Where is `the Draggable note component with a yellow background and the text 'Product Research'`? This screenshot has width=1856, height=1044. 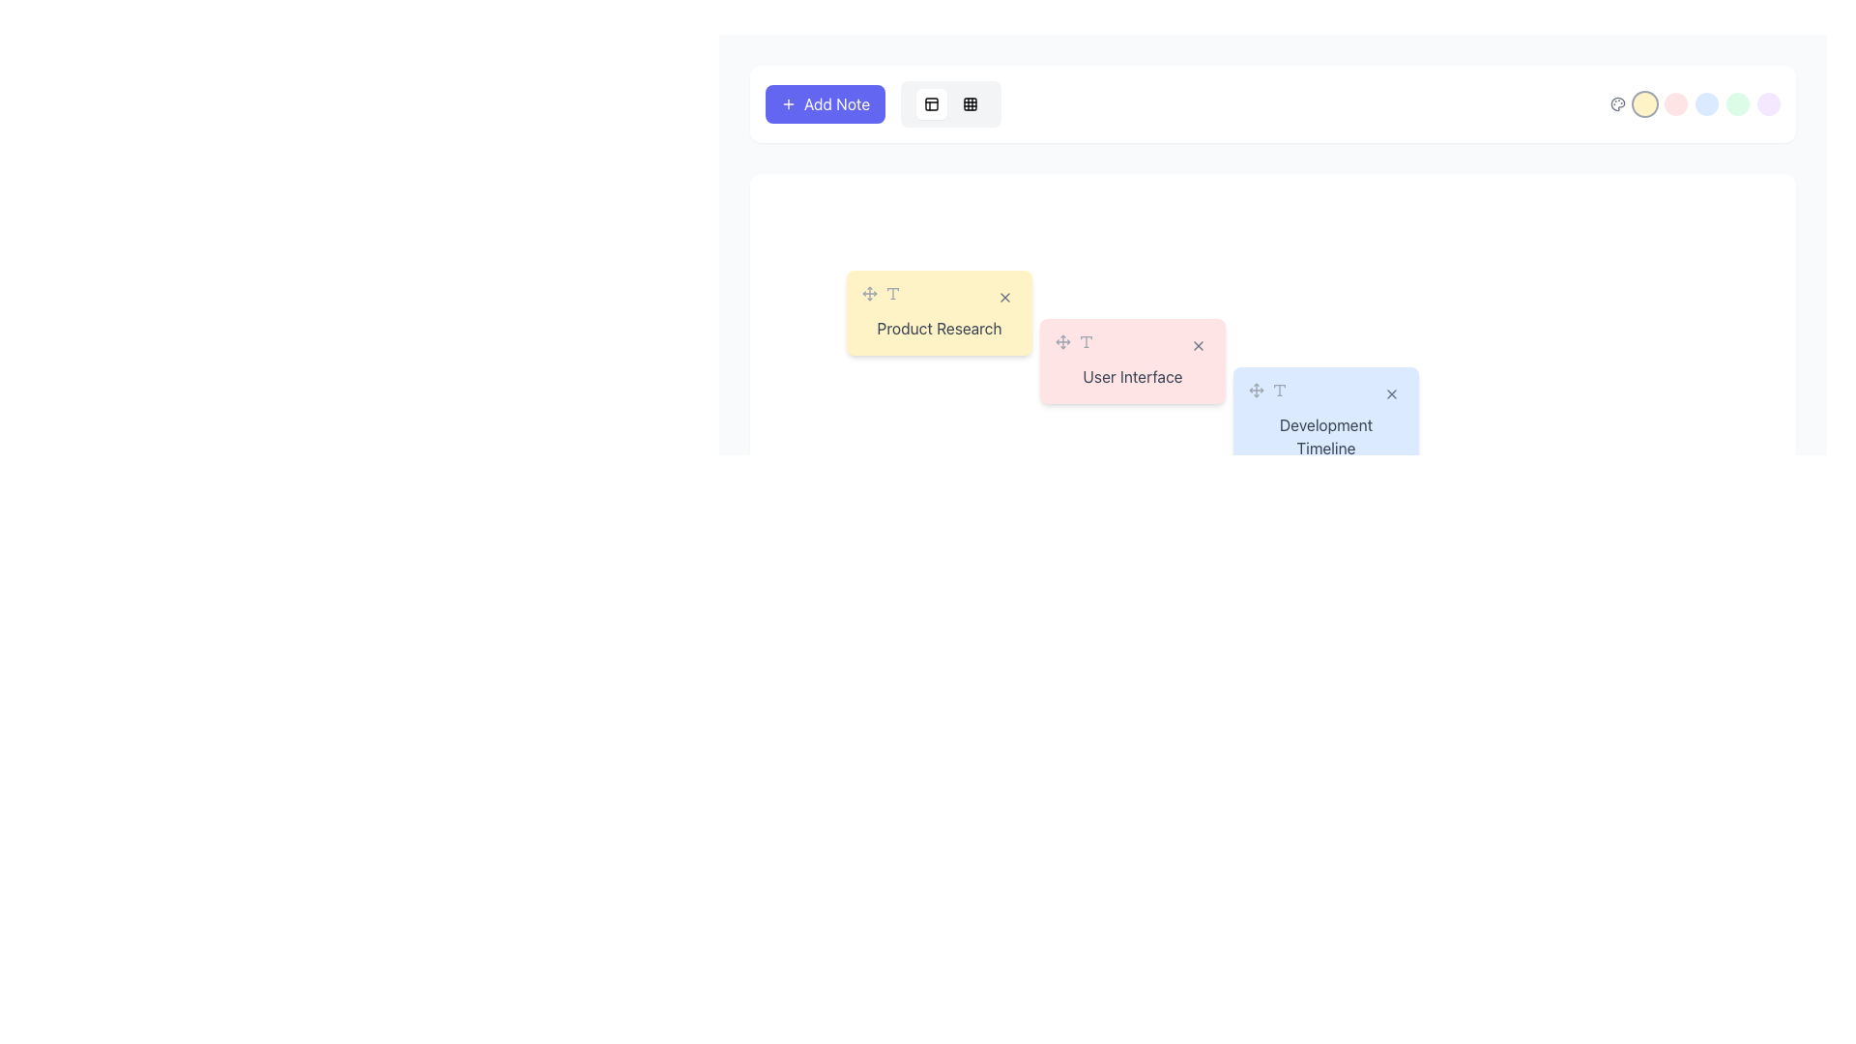 the Draggable note component with a yellow background and the text 'Product Research' is located at coordinates (939, 312).